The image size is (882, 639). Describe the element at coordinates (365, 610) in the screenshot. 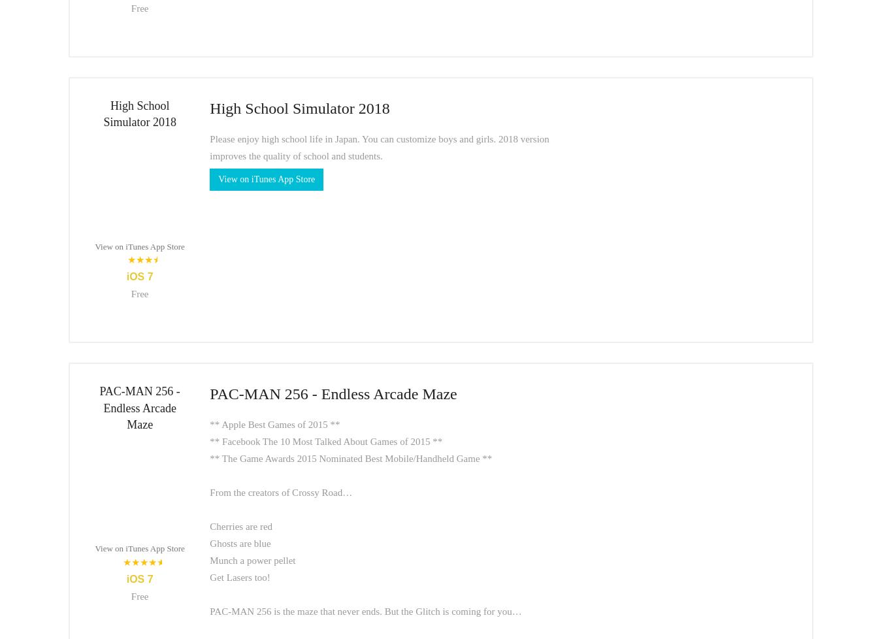

I see `'PAC-MAN 256 is the maze that never ends. But the Glitch is coming for you…'` at that location.